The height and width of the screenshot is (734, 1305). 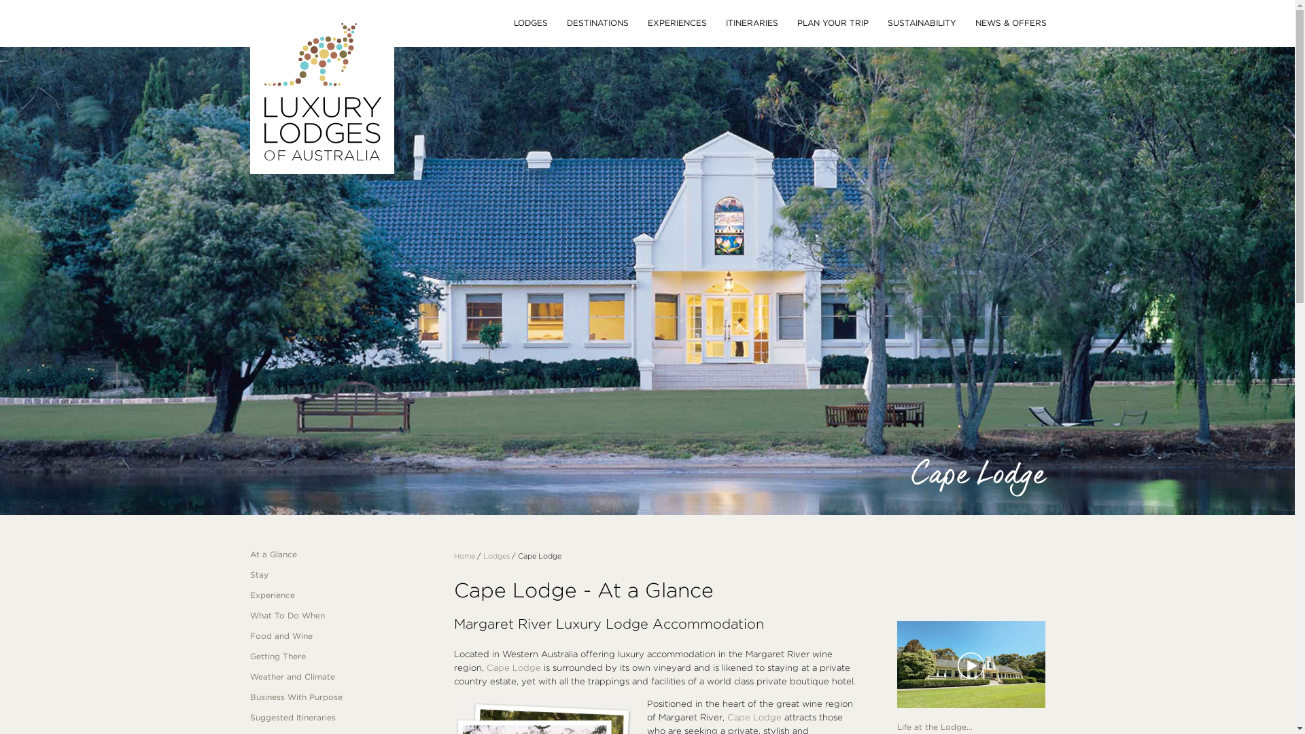 I want to click on 'Home', so click(x=464, y=555).